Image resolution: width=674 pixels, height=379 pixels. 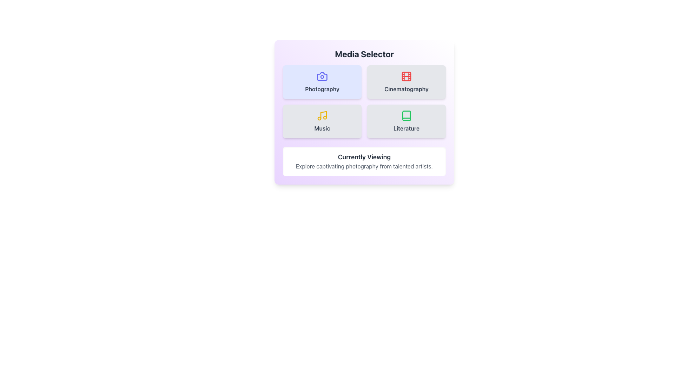 I want to click on the book icon with a green outline located within the 'Literature' button in the bottom-right of the main selection buttons, so click(x=406, y=115).